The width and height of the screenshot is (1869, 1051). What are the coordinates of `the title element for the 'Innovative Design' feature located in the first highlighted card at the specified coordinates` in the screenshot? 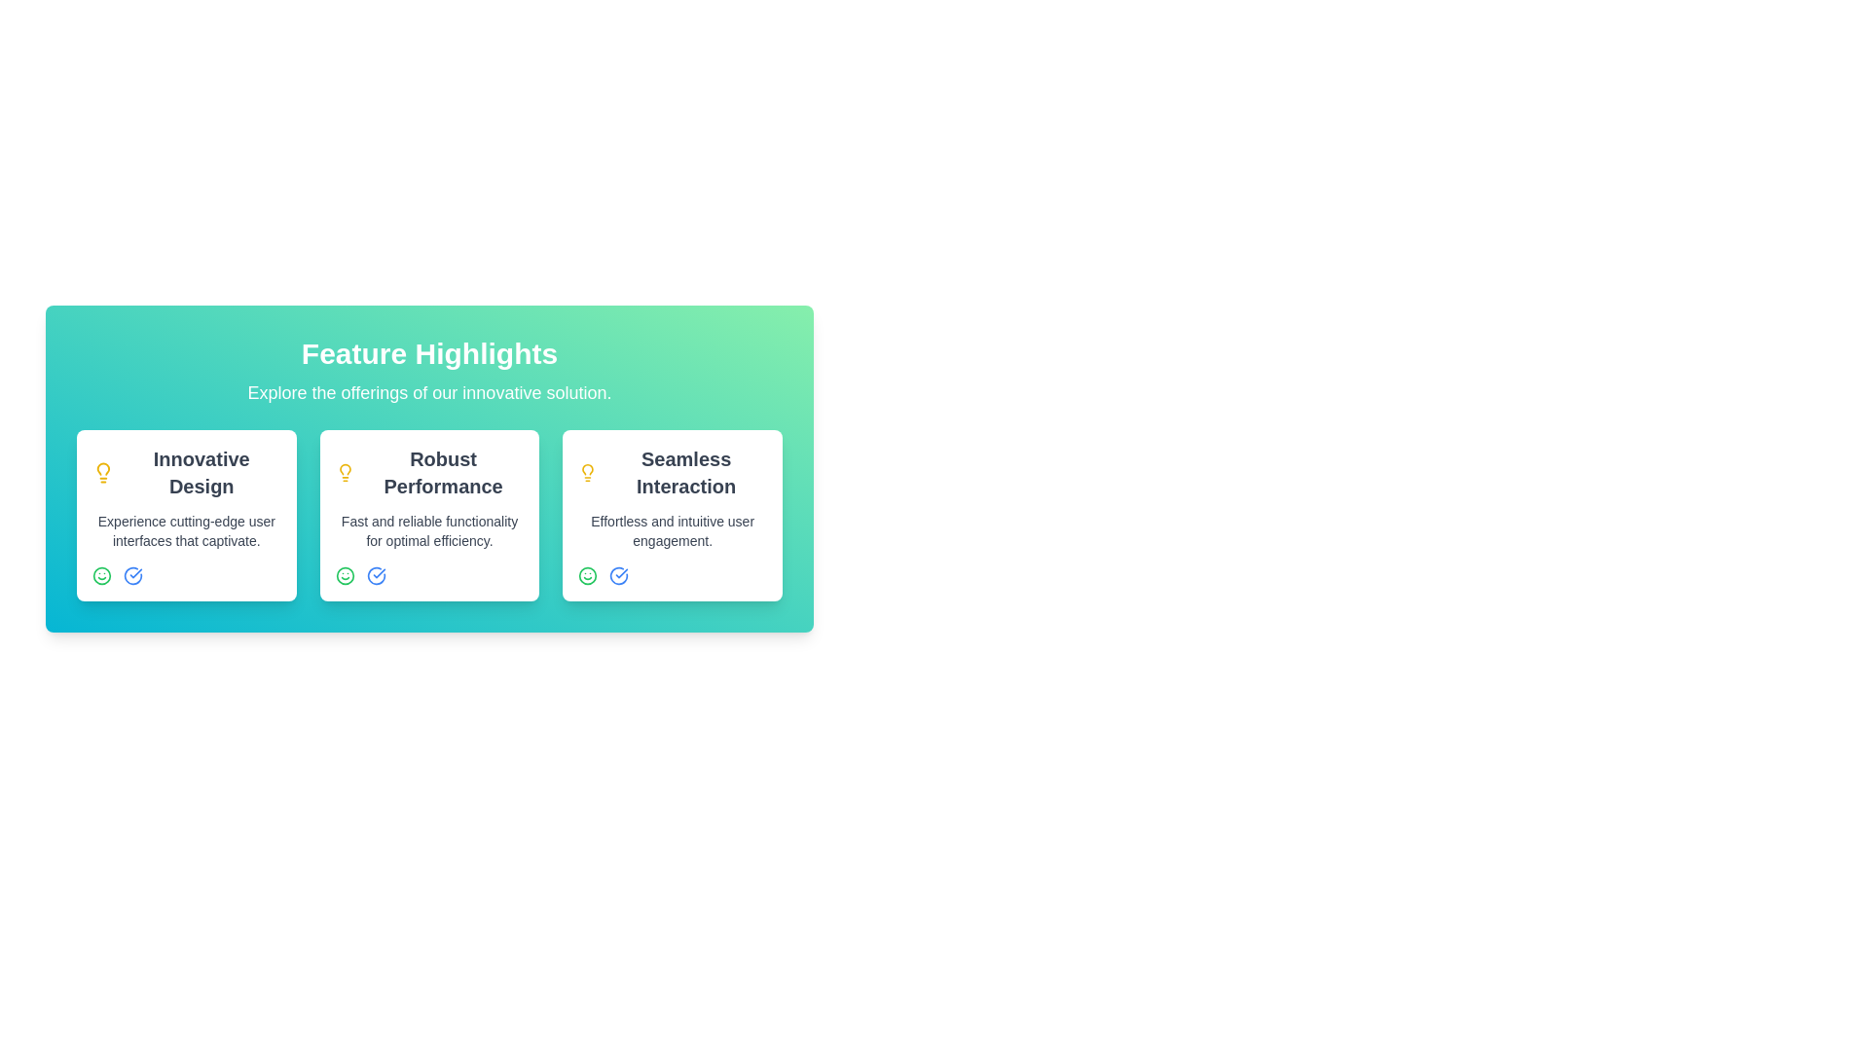 It's located at (186, 473).